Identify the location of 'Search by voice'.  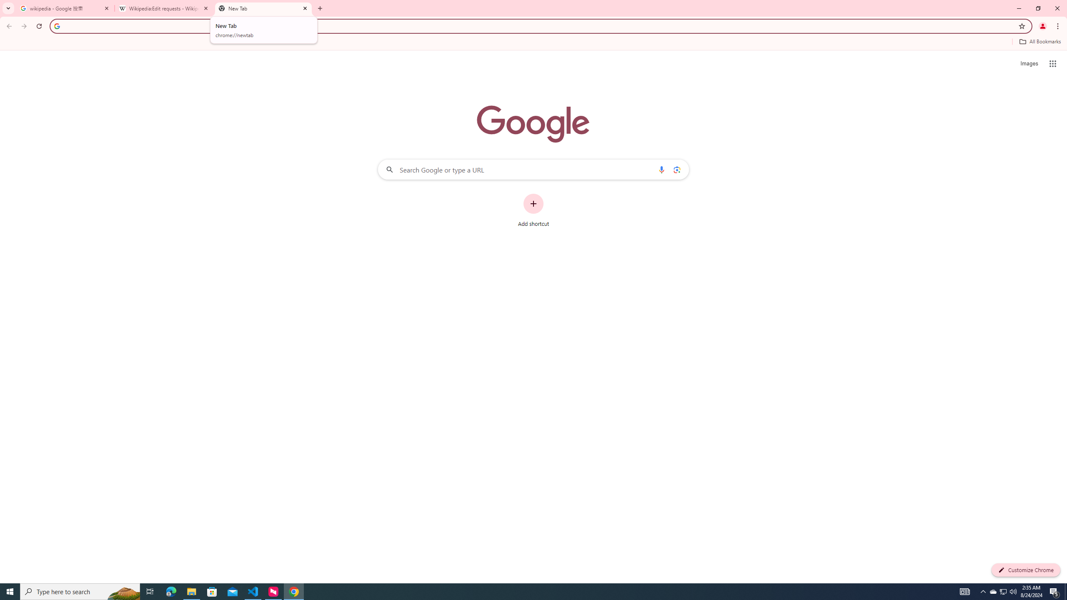
(661, 169).